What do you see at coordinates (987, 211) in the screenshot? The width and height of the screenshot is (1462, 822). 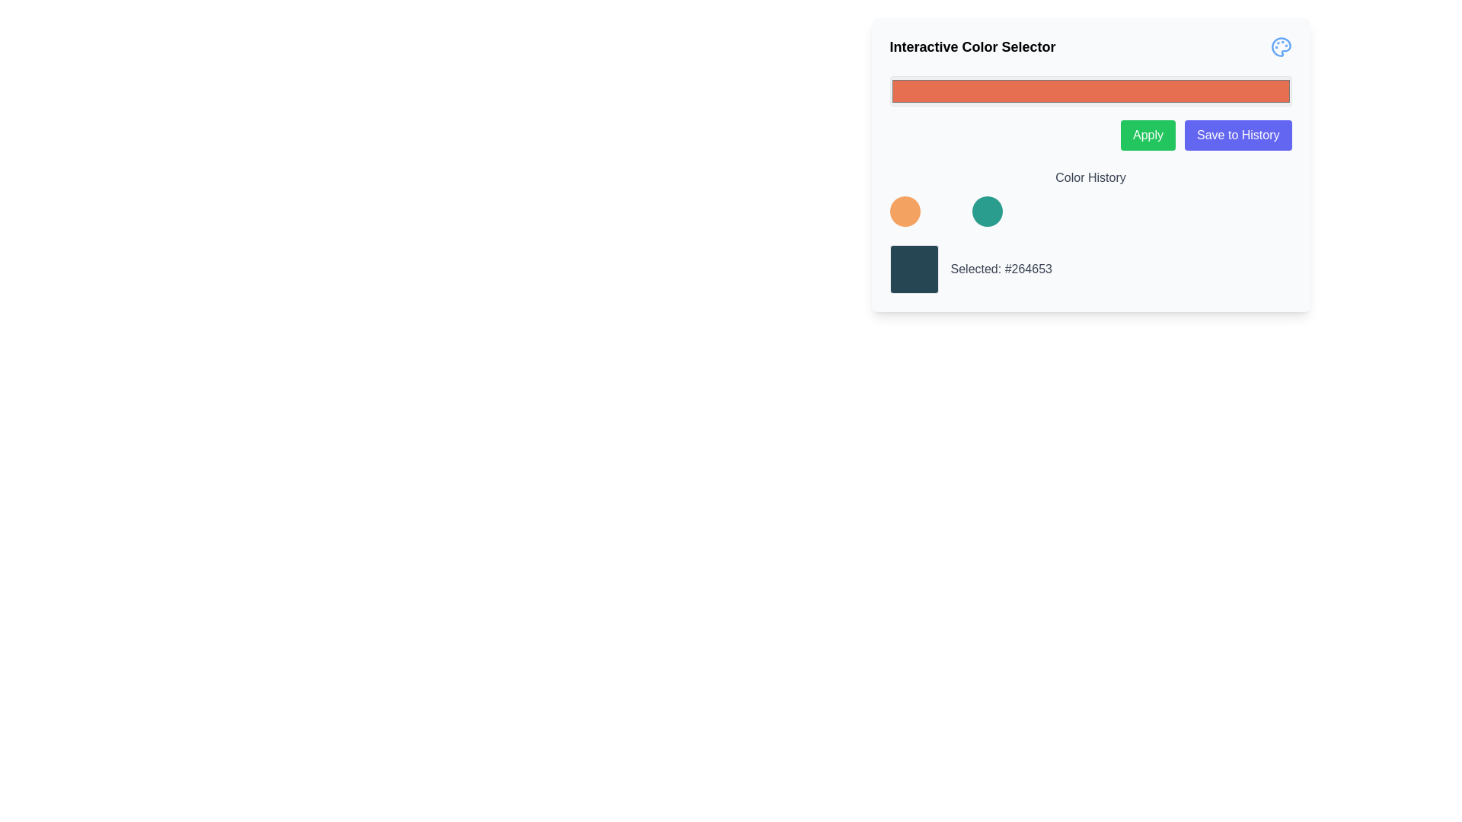 I see `the circular color selection indicator in the 'Color History' section` at bounding box center [987, 211].